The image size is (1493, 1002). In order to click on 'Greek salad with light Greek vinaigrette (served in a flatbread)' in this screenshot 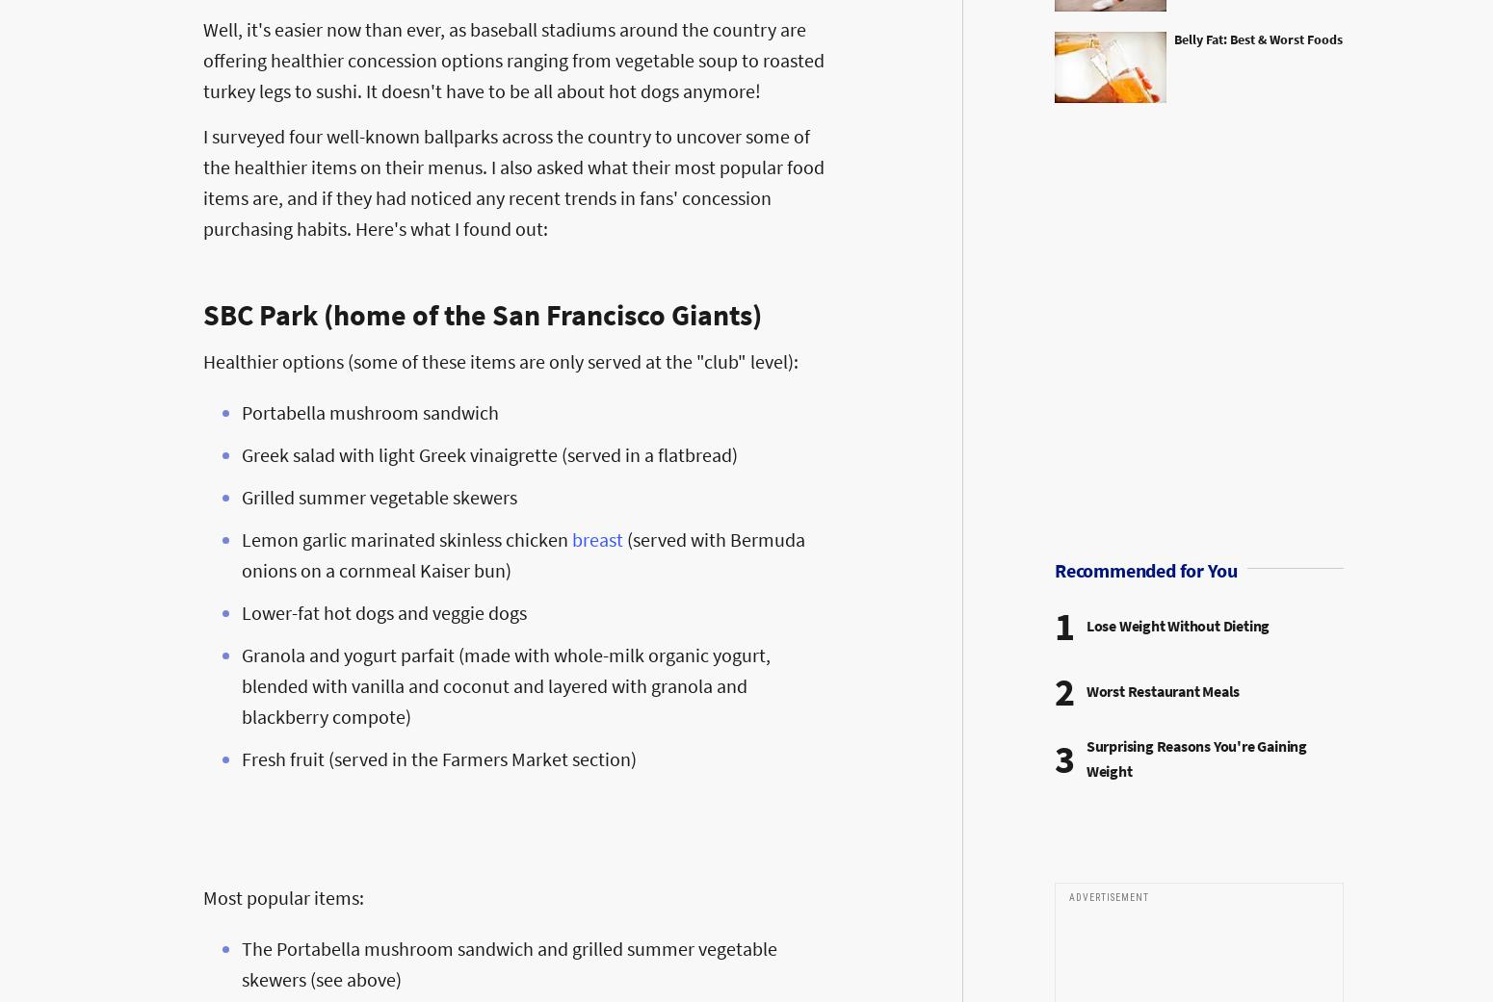, I will do `click(488, 452)`.